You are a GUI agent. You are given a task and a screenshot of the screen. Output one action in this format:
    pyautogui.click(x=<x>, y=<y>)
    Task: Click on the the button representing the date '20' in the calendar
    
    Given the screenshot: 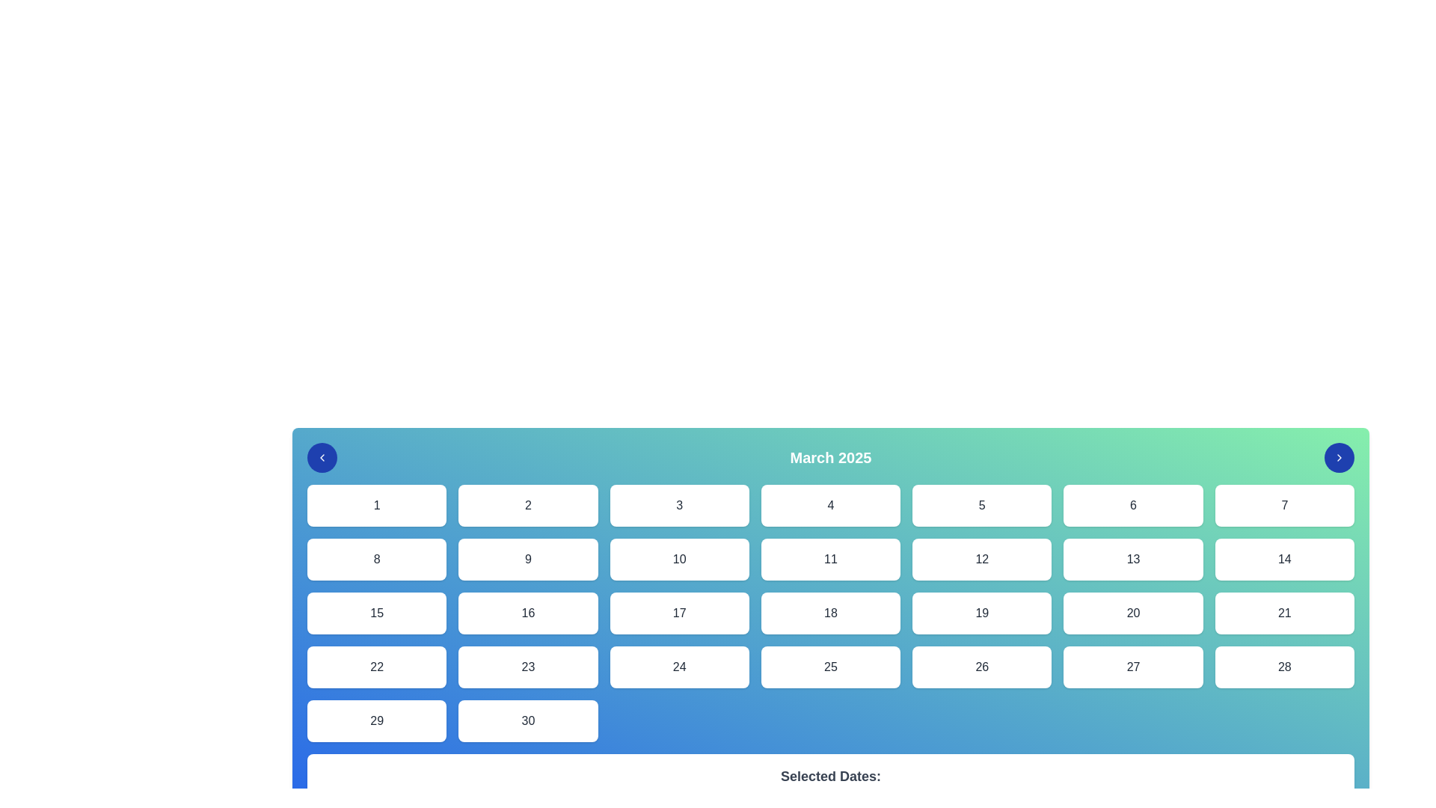 What is the action you would take?
    pyautogui.click(x=1133, y=613)
    